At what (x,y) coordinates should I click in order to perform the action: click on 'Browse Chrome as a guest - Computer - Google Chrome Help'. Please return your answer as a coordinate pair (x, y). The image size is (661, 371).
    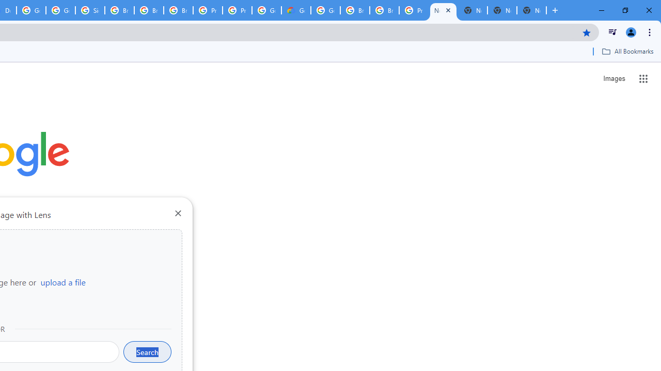
    Looking at the image, I should click on (355, 10).